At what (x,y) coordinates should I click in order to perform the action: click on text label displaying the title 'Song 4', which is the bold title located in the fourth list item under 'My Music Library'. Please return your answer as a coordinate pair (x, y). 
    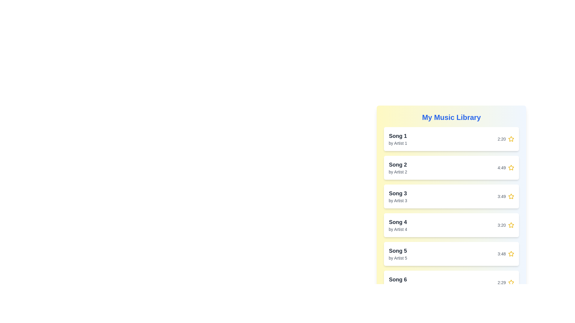
    Looking at the image, I should click on (398, 222).